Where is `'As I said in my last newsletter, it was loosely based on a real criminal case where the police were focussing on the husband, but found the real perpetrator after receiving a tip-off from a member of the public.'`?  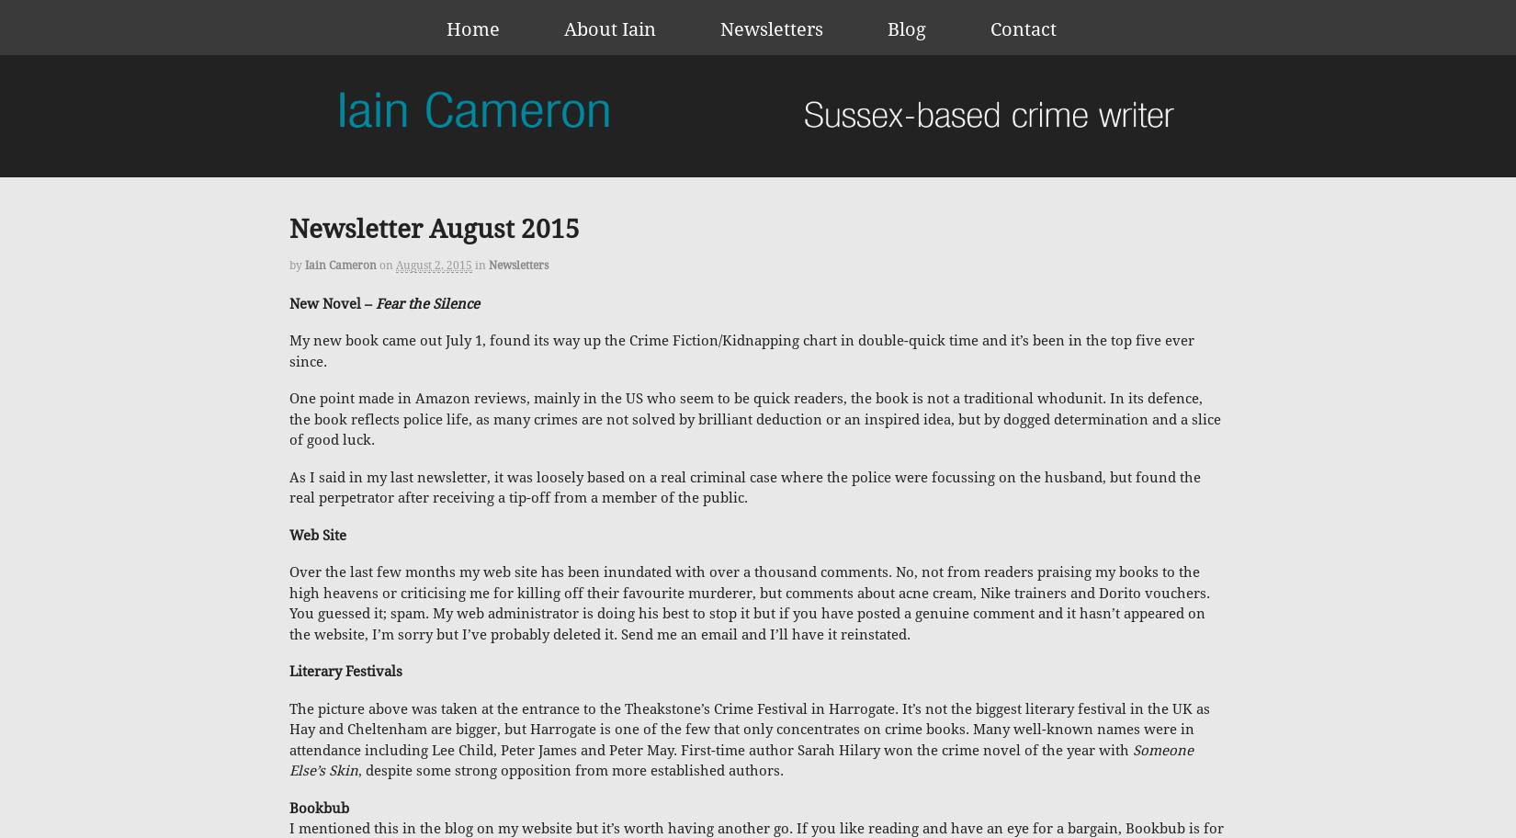 'As I said in my last newsletter, it was loosely based on a real criminal case where the police were focussing on the husband, but found the real perpetrator after receiving a tip-off from a member of the public.' is located at coordinates (288, 486).